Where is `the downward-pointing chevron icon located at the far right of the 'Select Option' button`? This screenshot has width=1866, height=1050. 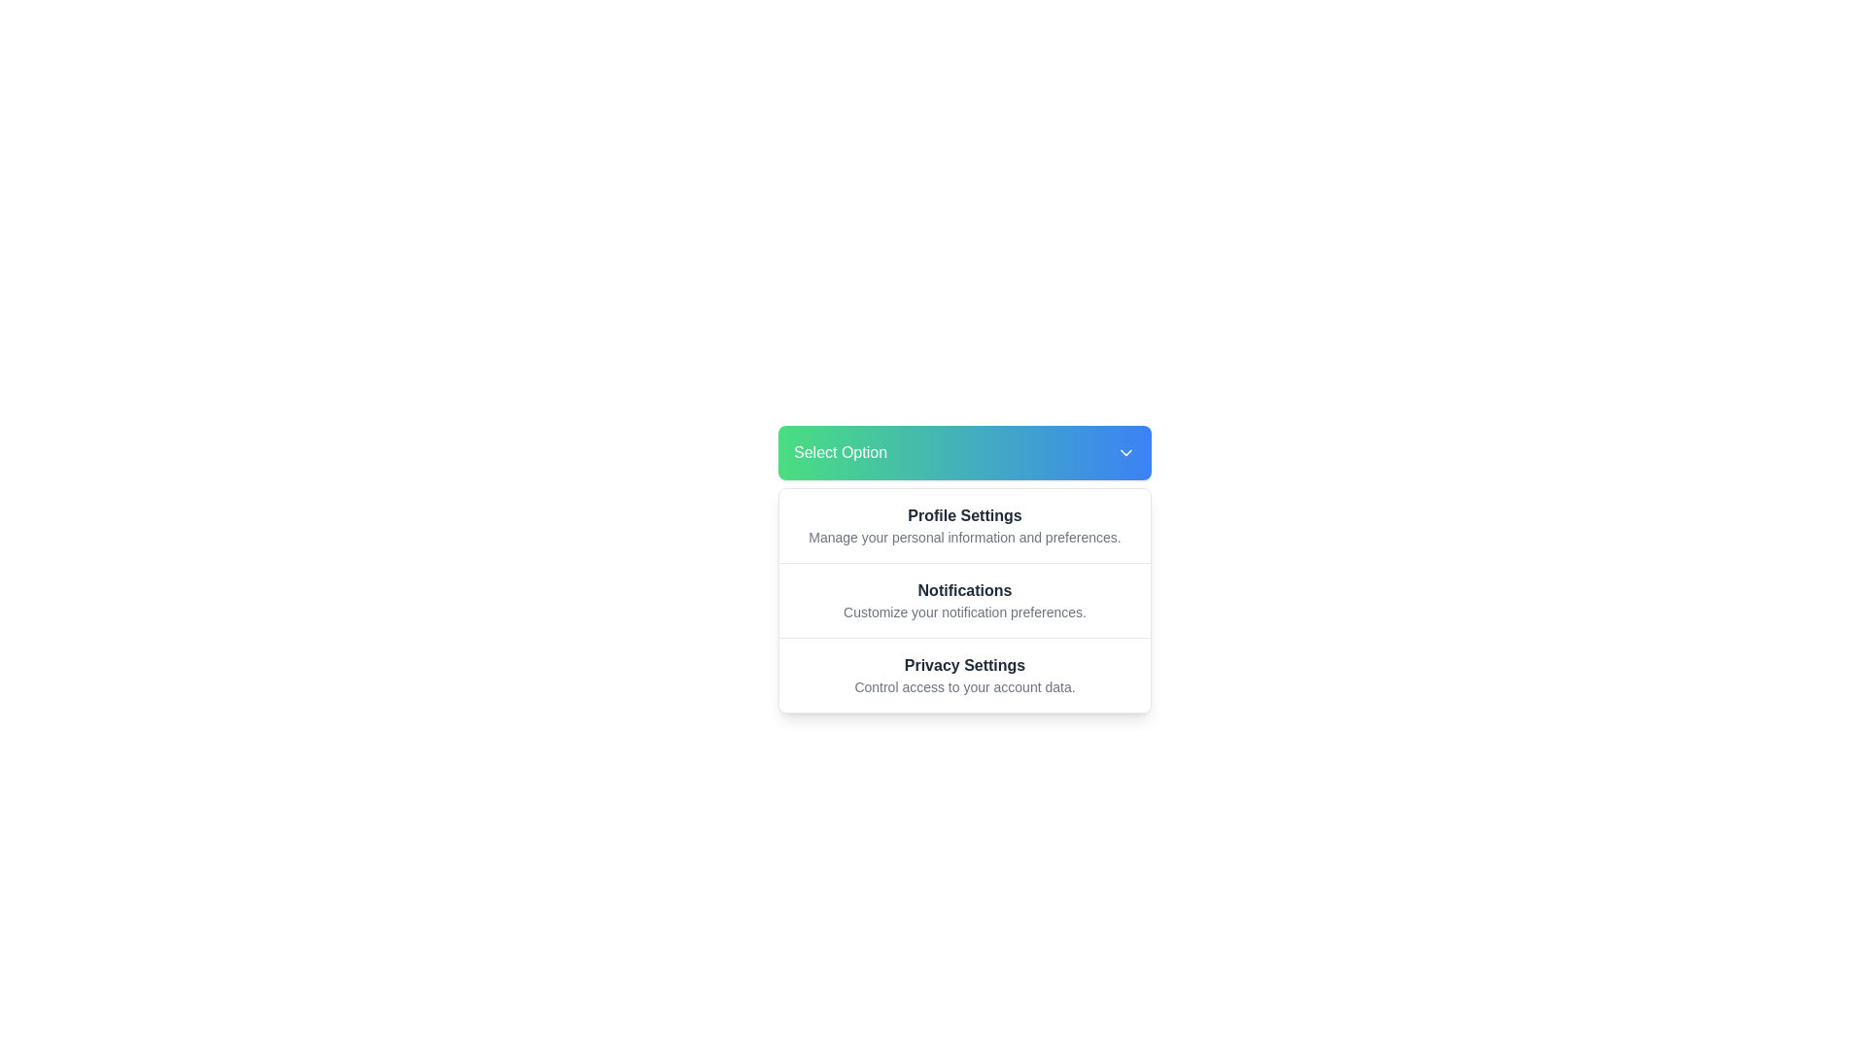
the downward-pointing chevron icon located at the far right of the 'Select Option' button is located at coordinates (1125, 453).